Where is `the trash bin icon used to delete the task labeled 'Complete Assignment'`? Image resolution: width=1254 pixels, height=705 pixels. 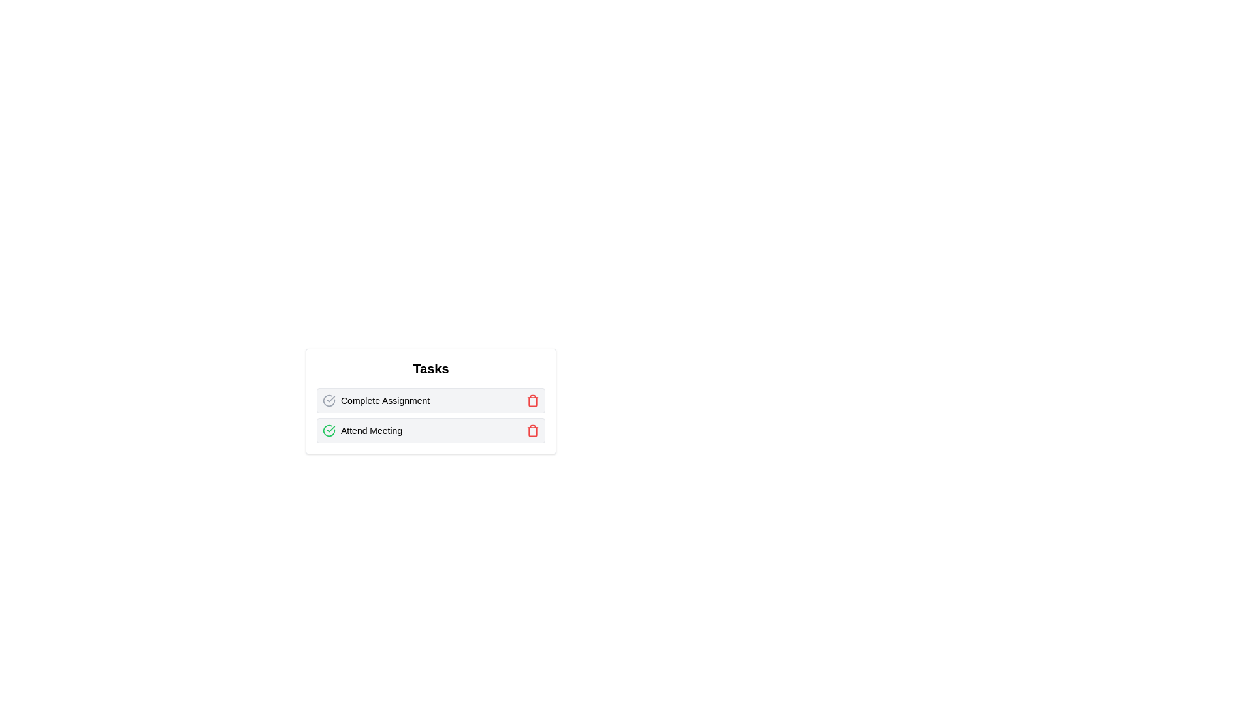
the trash bin icon used to delete the task labeled 'Complete Assignment' is located at coordinates (533, 399).